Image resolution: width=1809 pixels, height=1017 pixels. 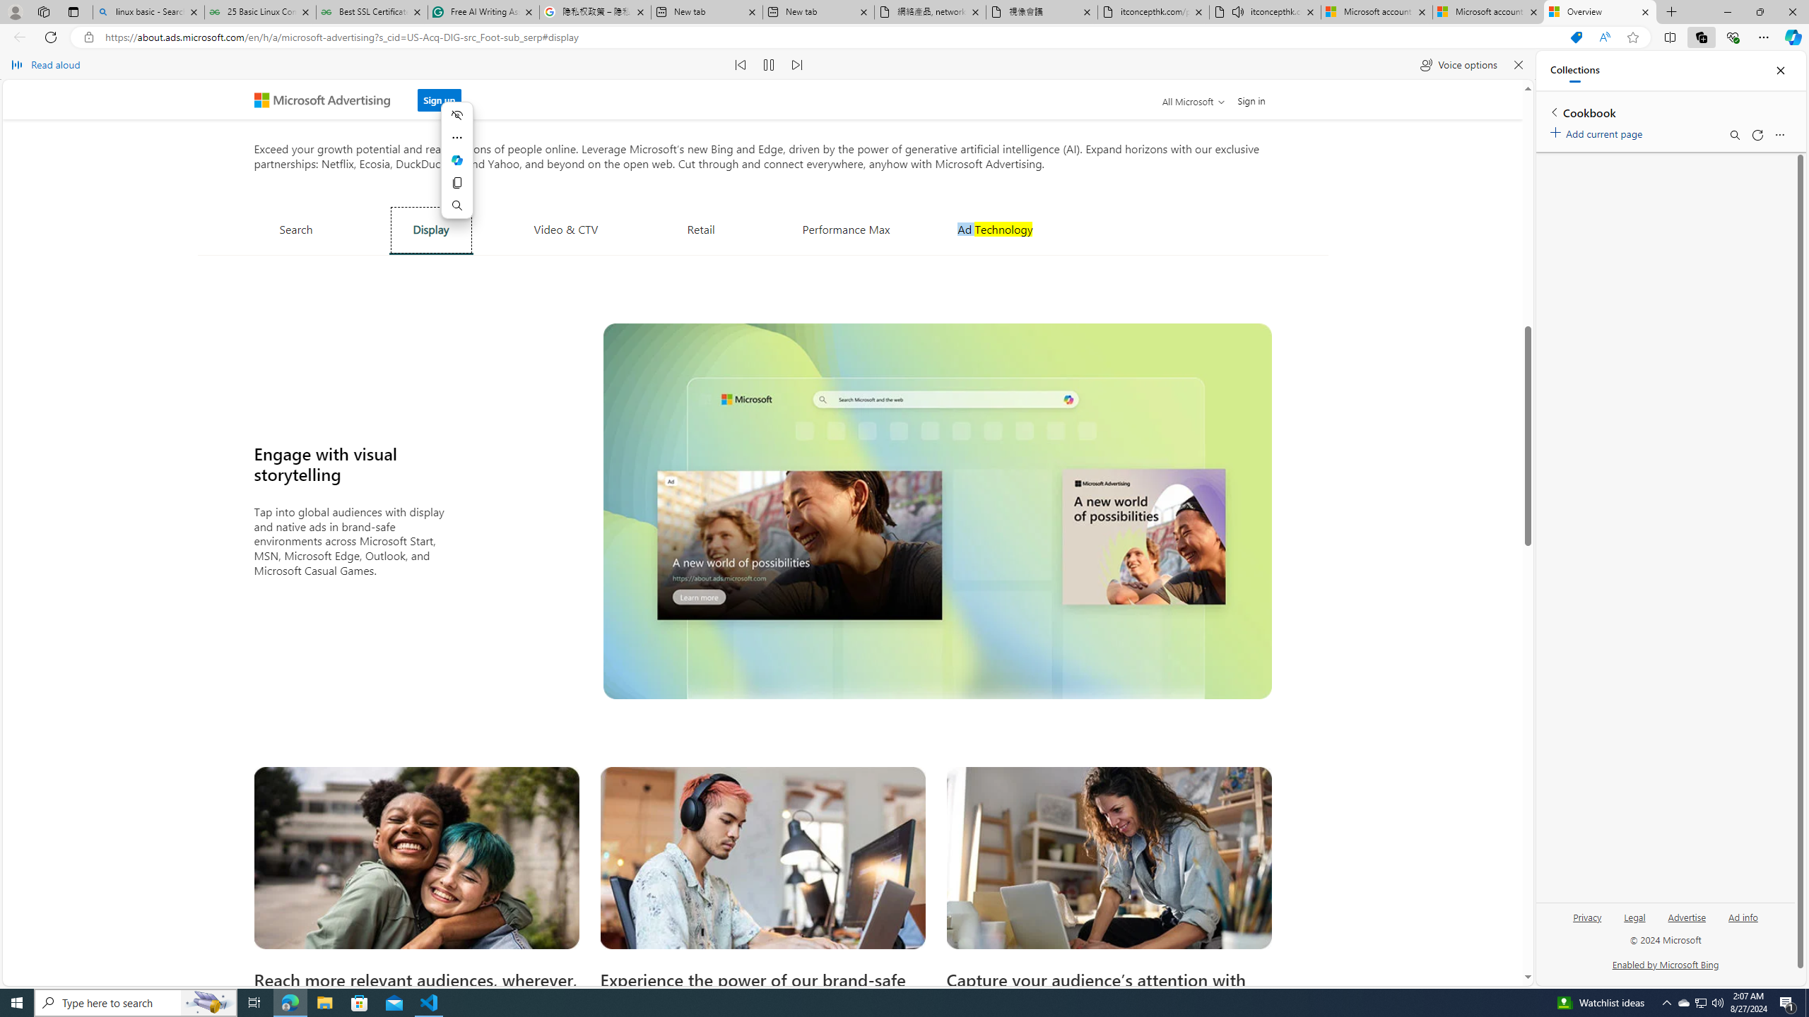 What do you see at coordinates (437, 100) in the screenshot?
I see `'Sign up'` at bounding box center [437, 100].